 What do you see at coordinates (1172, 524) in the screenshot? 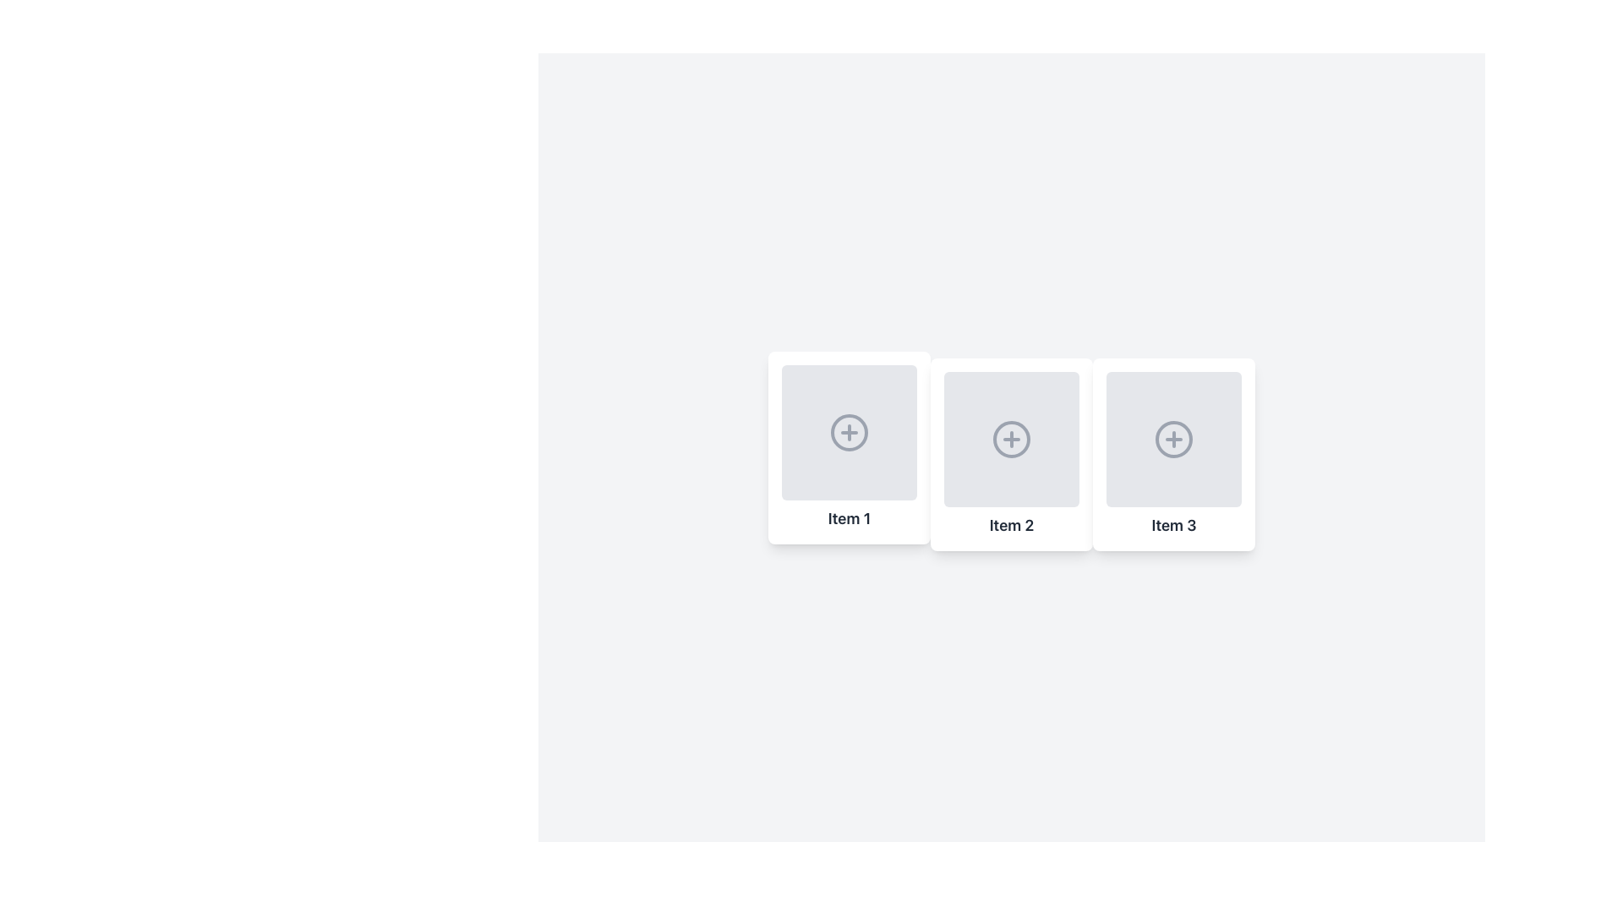
I see `text label located at the lower section of the rightmost card, which is directly below the circular plus icon` at bounding box center [1172, 524].